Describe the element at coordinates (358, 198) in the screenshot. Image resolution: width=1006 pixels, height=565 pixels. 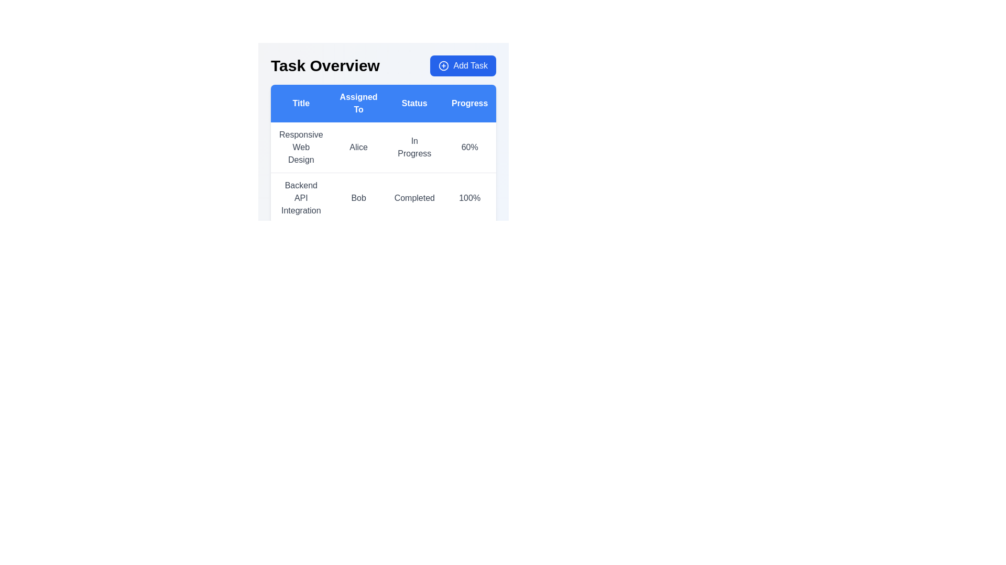
I see `text 'Bob' located in the second item of the 'Assigned To' column within the table associated with the 'Backend API Integration' row` at that location.